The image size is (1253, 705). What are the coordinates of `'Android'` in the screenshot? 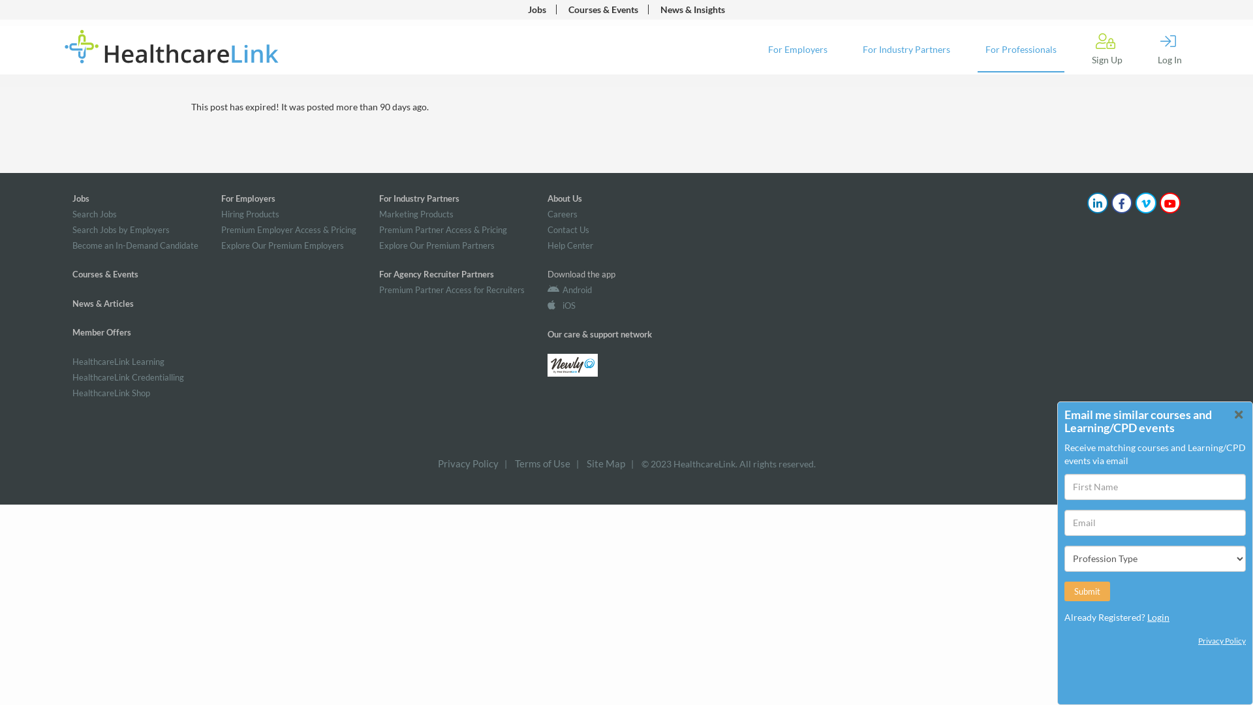 It's located at (570, 289).